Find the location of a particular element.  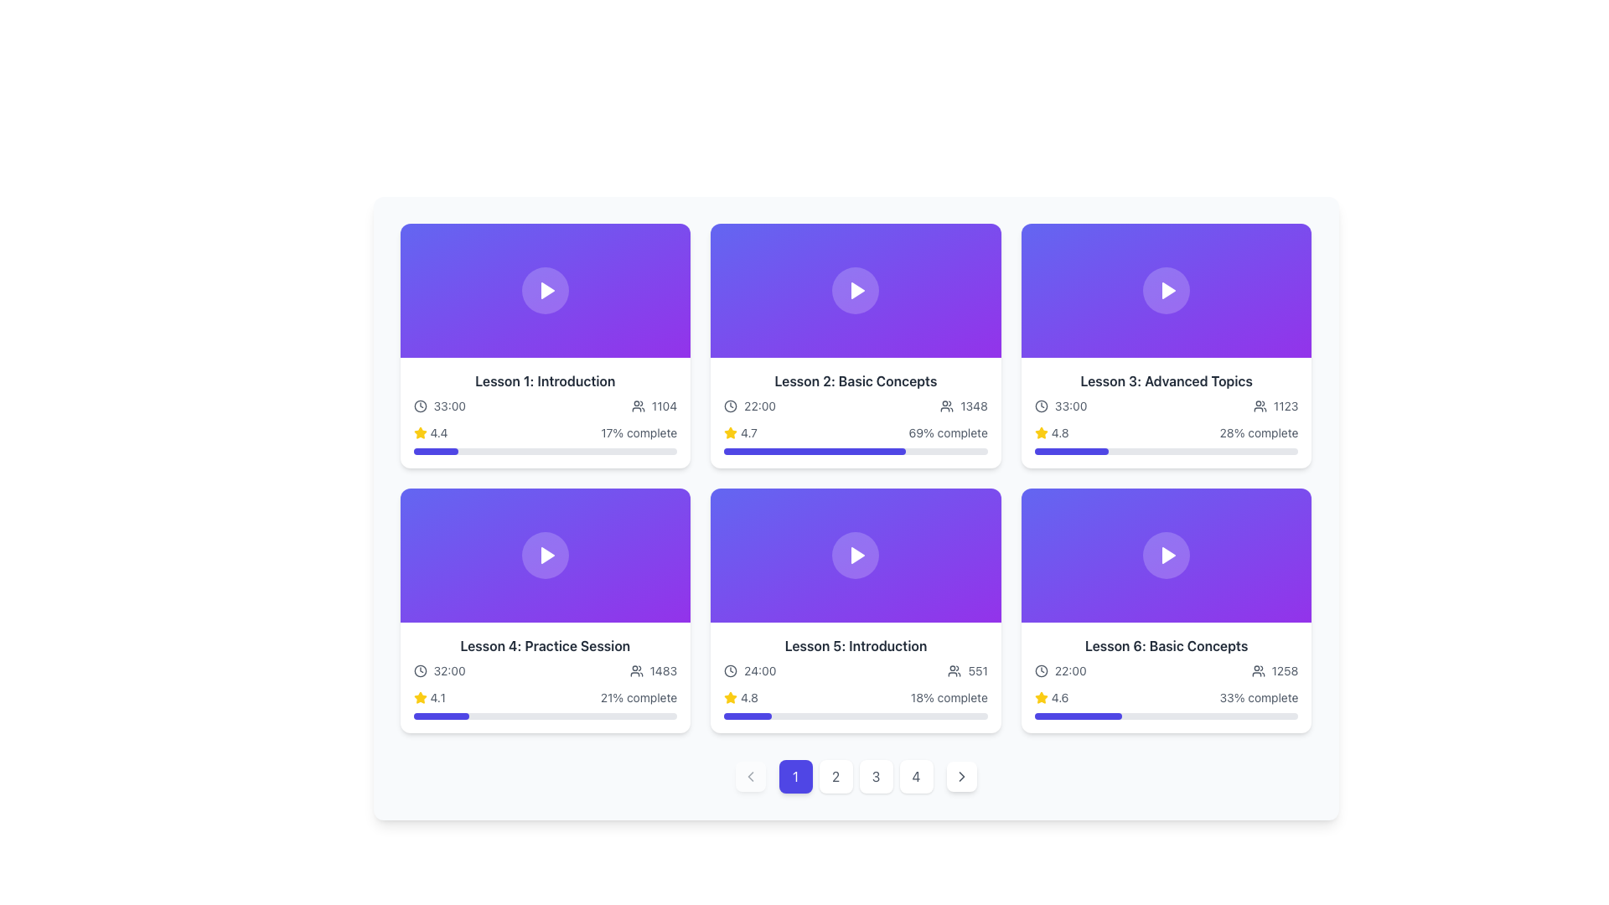

the text label indicating the lesson duration located in the third card of the top row, immediately to the right of the clock icon is located at coordinates (1070, 406).